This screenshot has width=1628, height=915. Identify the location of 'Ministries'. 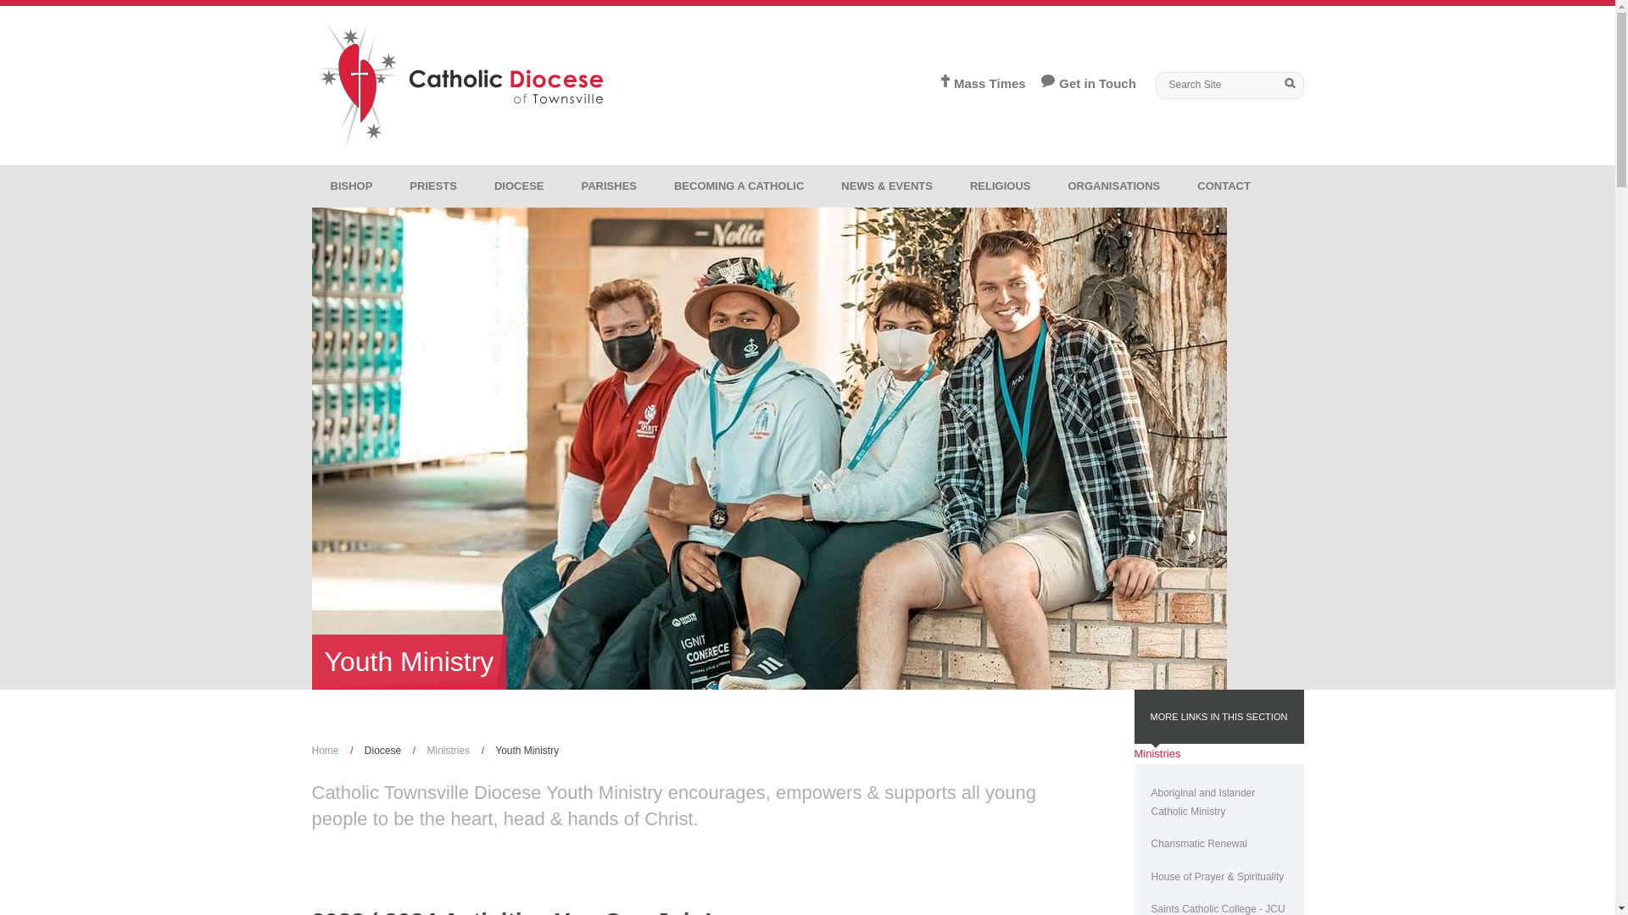
(1157, 752).